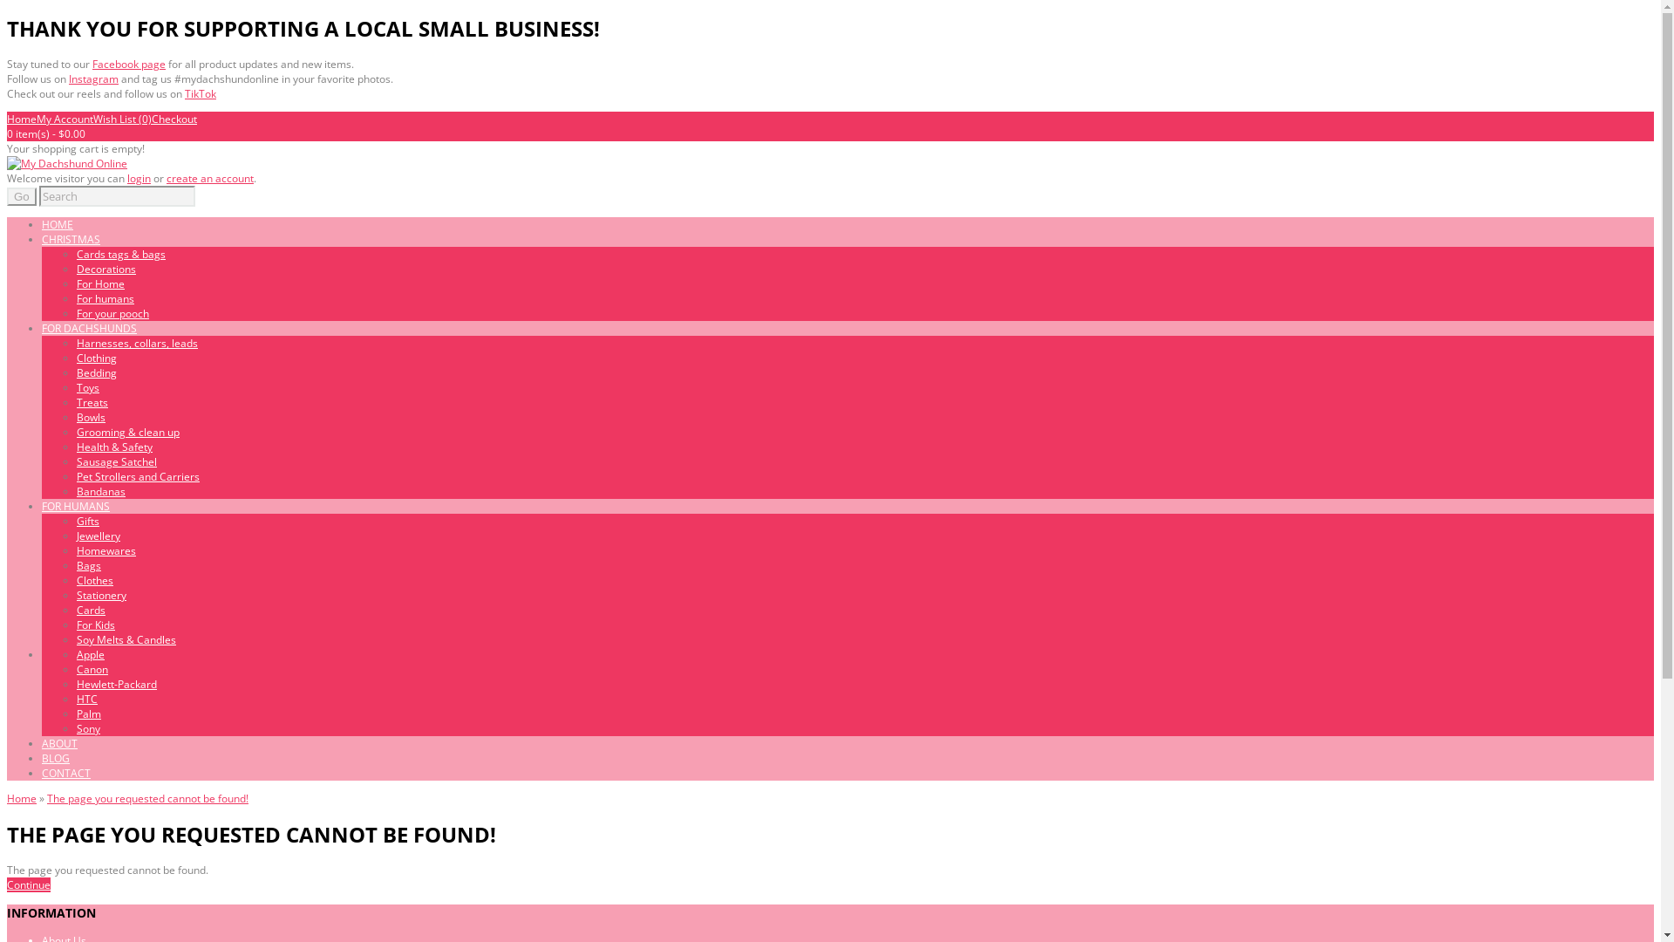  I want to click on 'Bowls', so click(90, 417).